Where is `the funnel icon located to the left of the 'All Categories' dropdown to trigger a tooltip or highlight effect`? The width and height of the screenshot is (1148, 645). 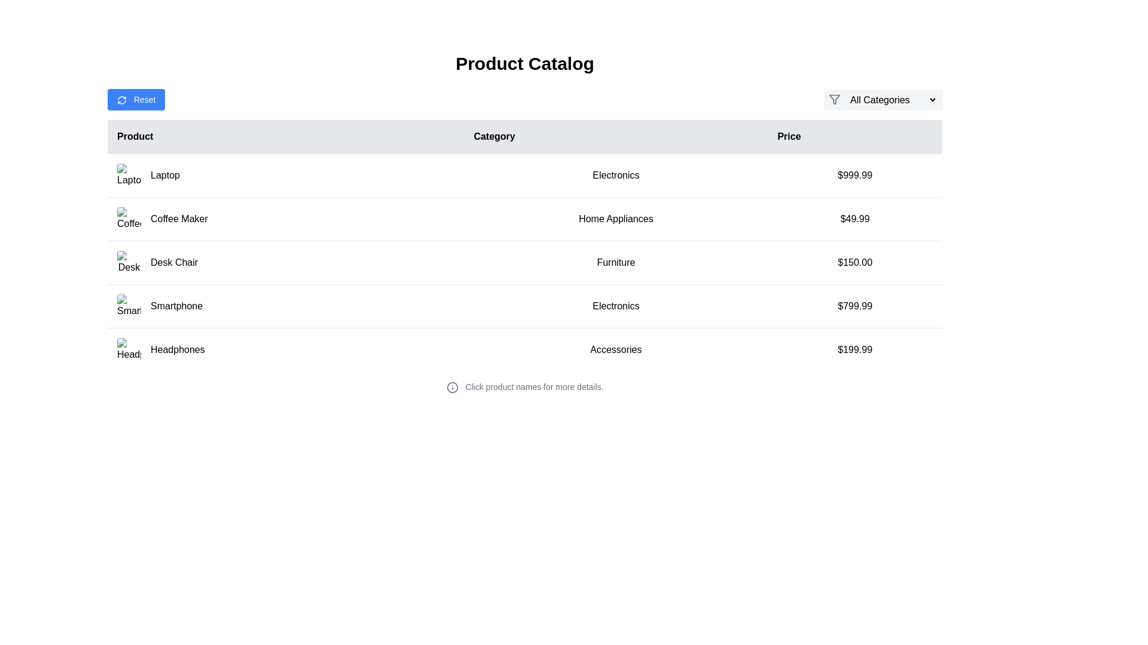
the funnel icon located to the left of the 'All Categories' dropdown to trigger a tooltip or highlight effect is located at coordinates (834, 99).